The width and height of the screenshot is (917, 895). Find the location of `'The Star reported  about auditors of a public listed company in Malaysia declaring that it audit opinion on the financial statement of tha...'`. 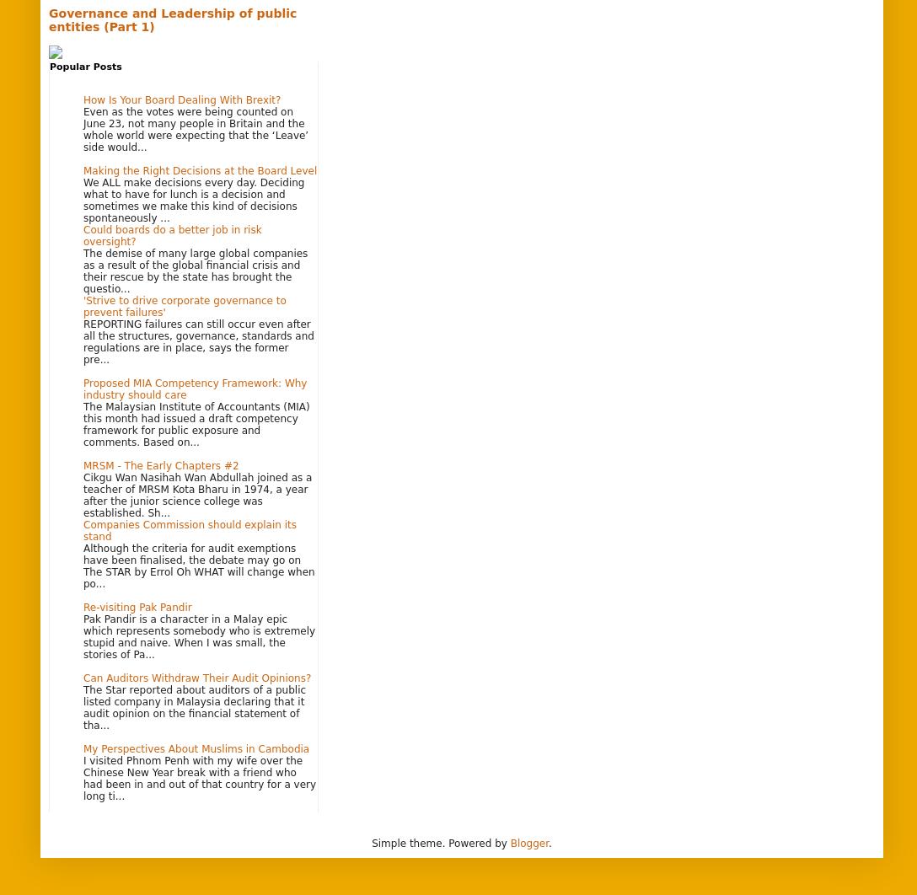

'The Star reported  about auditors of a public listed company in Malaysia declaring that it audit opinion on the financial statement of tha...' is located at coordinates (193, 705).